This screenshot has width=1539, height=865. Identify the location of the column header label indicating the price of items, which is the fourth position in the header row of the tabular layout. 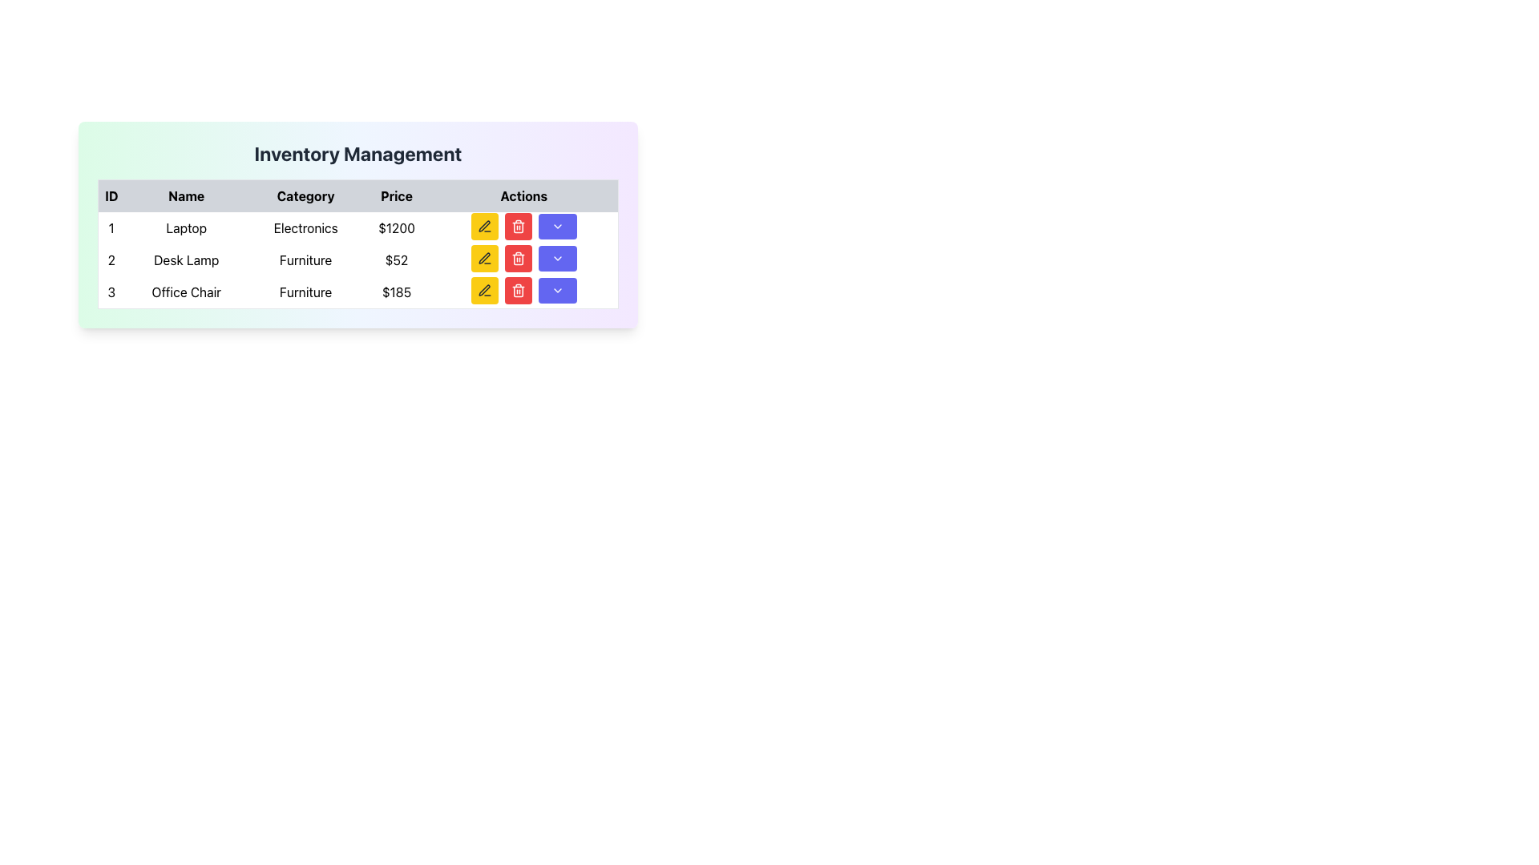
(396, 195).